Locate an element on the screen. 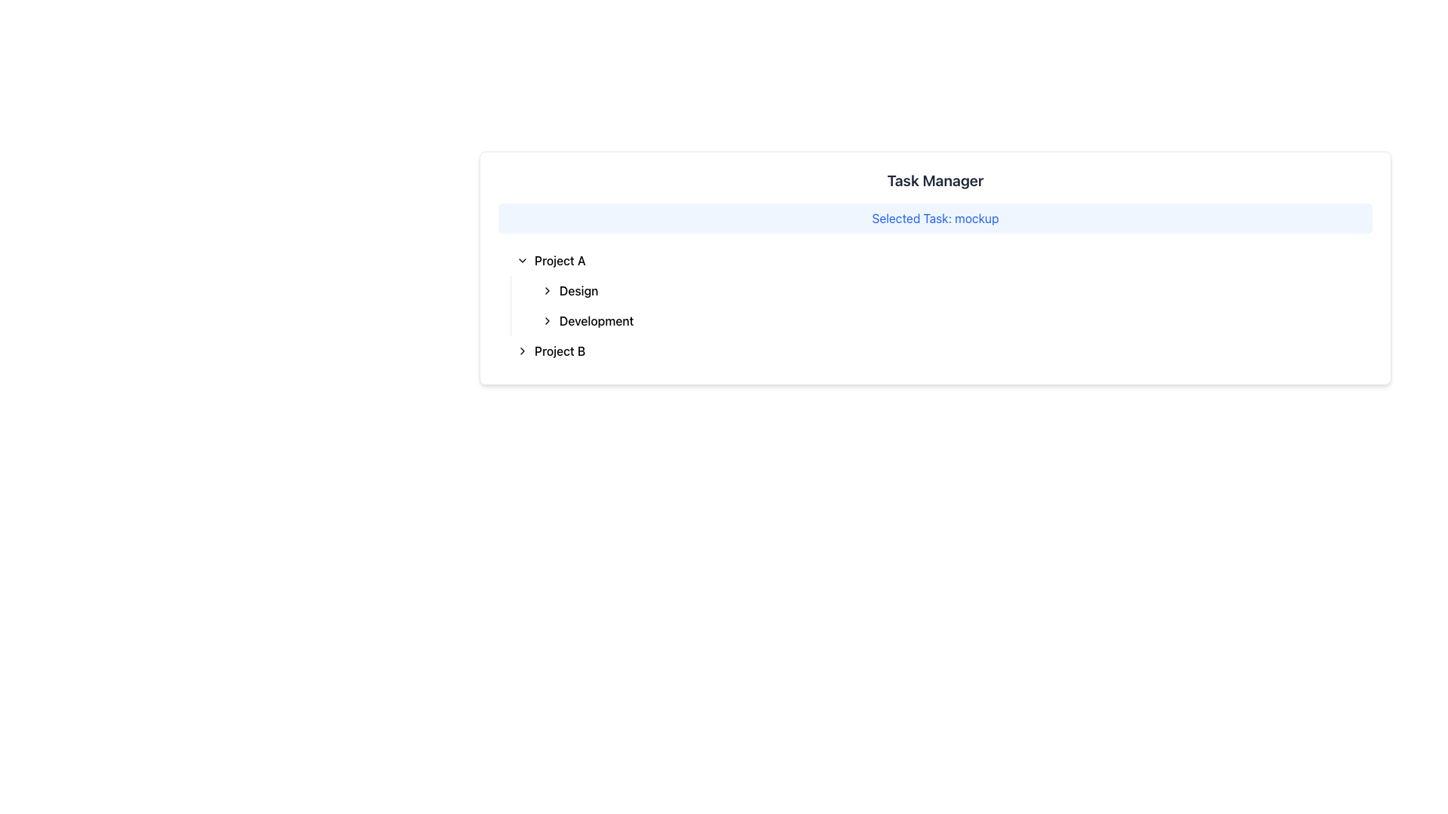  the rightward-pointing chevron icon located to the left of the text 'Design' under the 'Project A' hierarchy is located at coordinates (546, 290).